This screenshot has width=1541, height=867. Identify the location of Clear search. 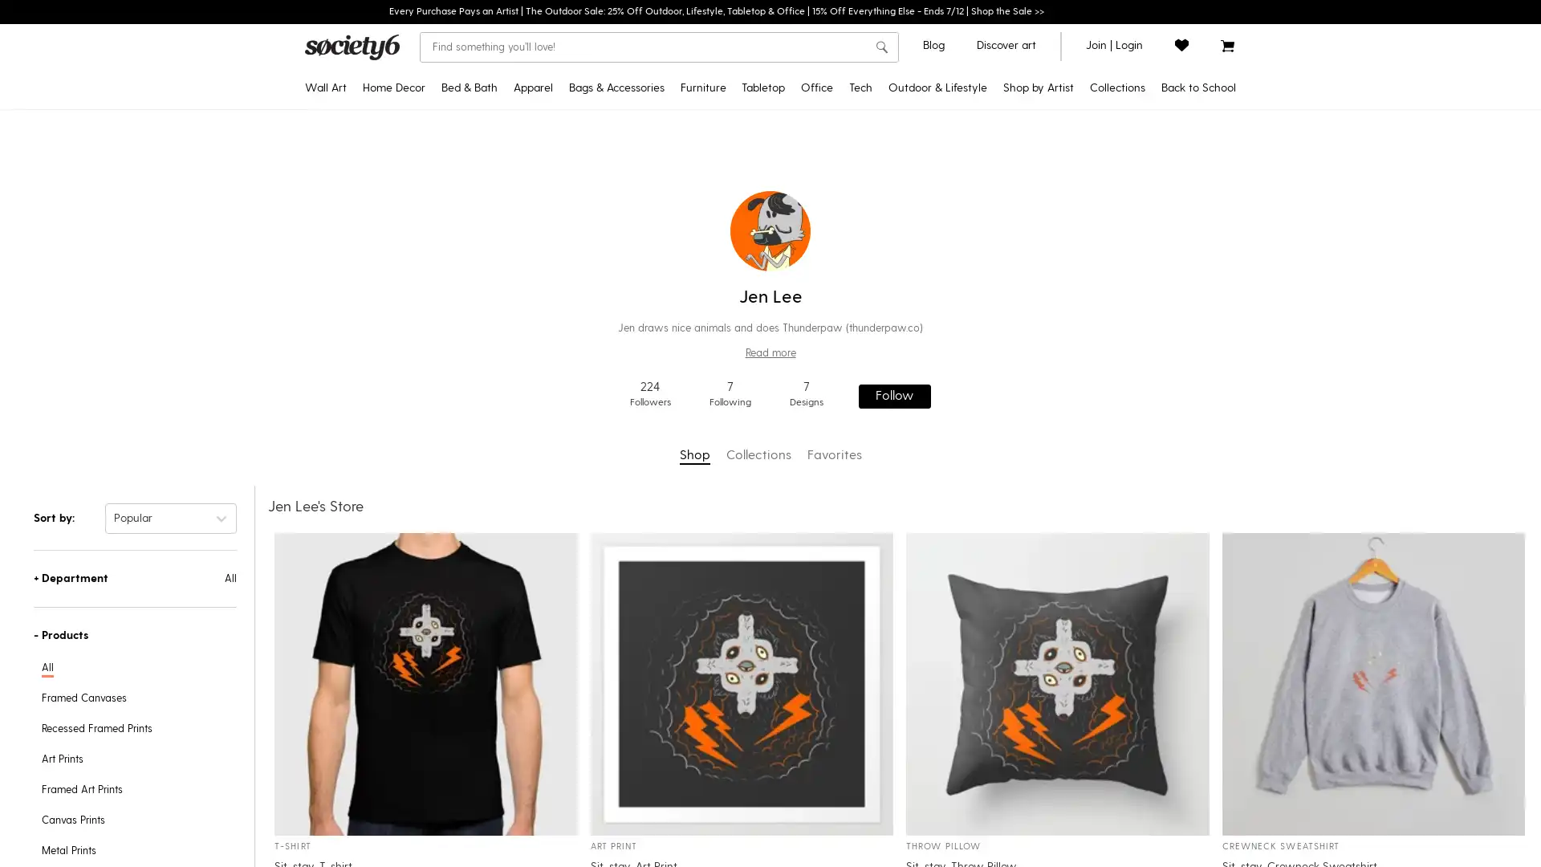
(859, 46).